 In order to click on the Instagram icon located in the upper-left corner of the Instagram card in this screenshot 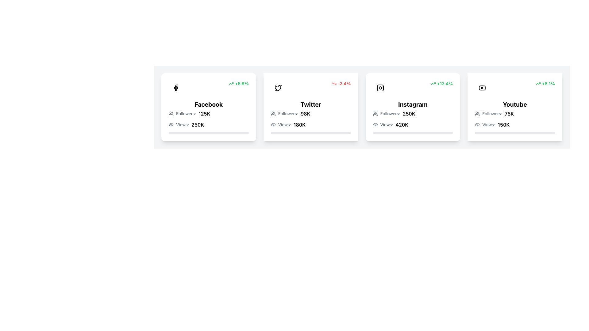, I will do `click(380, 88)`.